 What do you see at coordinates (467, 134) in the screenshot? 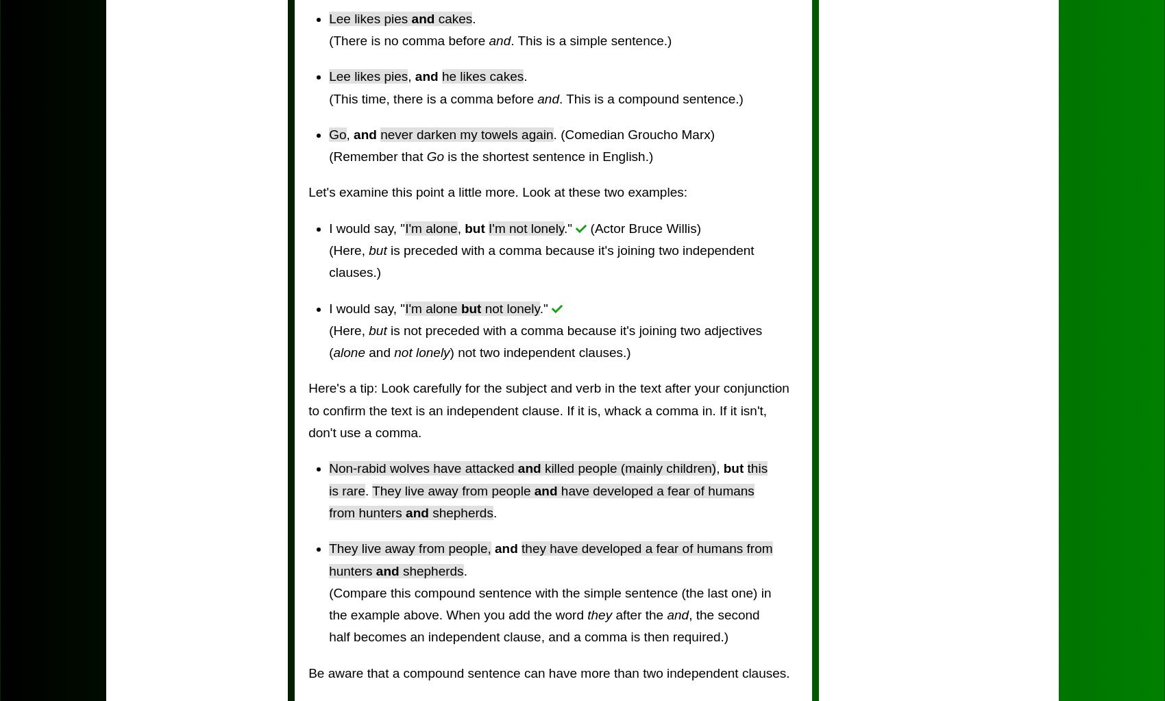
I see `'never darken my towels again'` at bounding box center [467, 134].